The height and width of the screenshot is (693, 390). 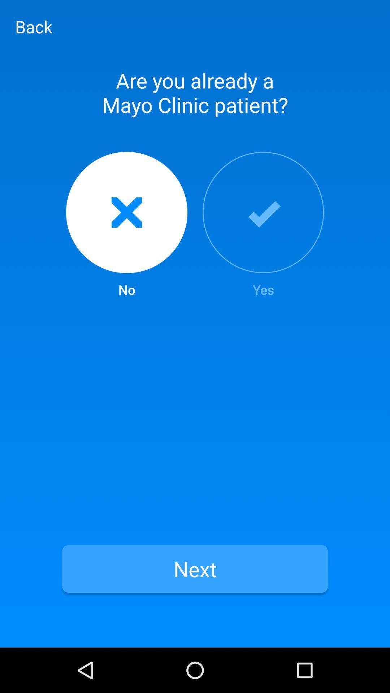 What do you see at coordinates (263, 225) in the screenshot?
I see `the yes at the top right corner` at bounding box center [263, 225].